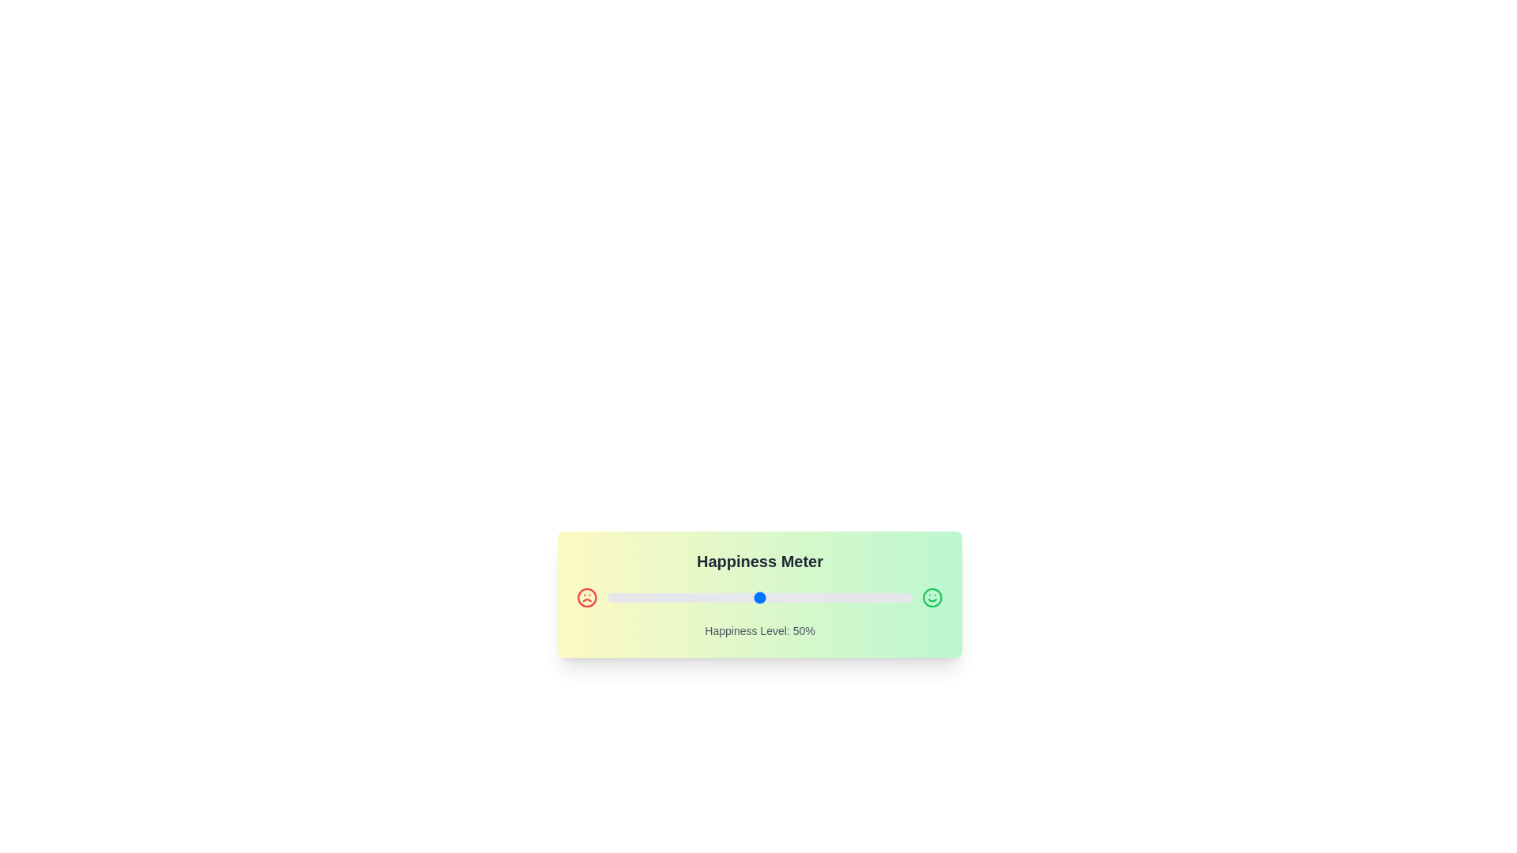 This screenshot has height=853, width=1517. I want to click on the slider to set the happiness level to 30%, so click(698, 597).